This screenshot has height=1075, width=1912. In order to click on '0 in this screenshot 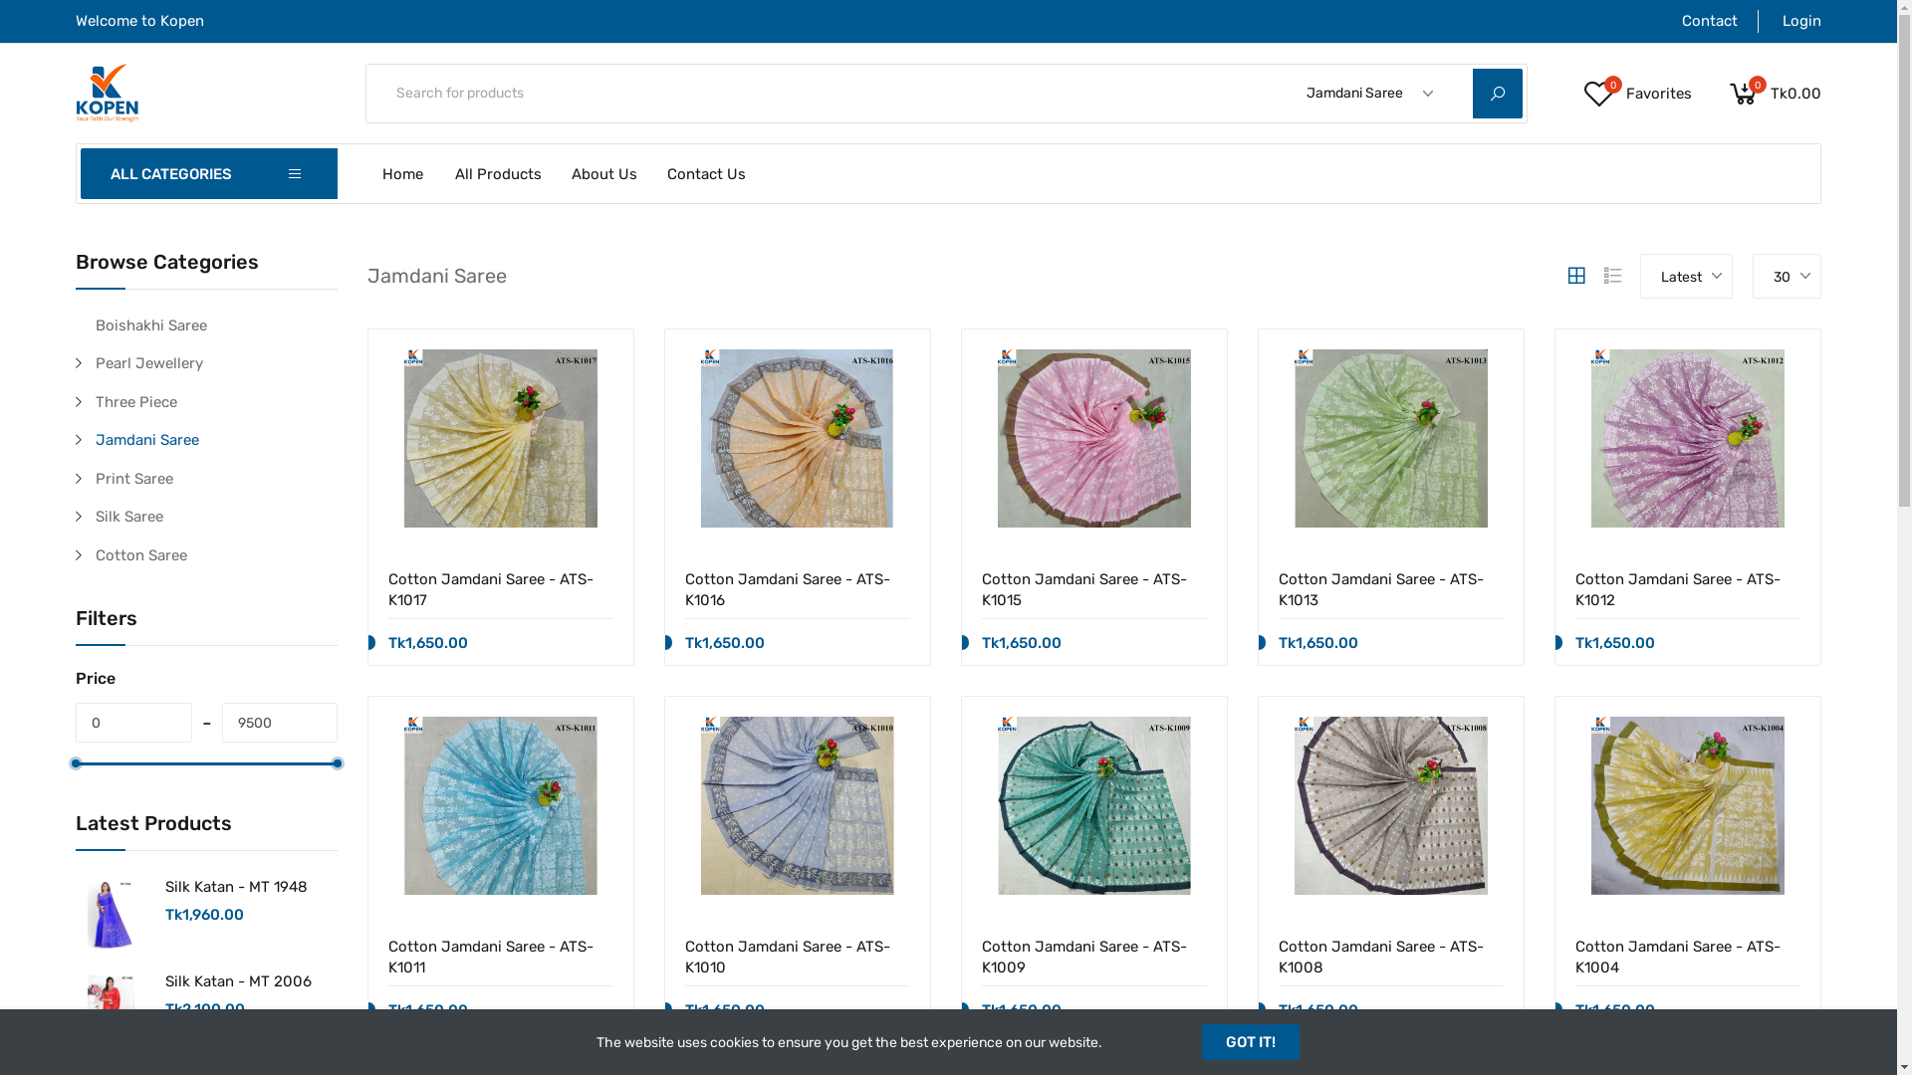, I will do `click(1580, 93)`.